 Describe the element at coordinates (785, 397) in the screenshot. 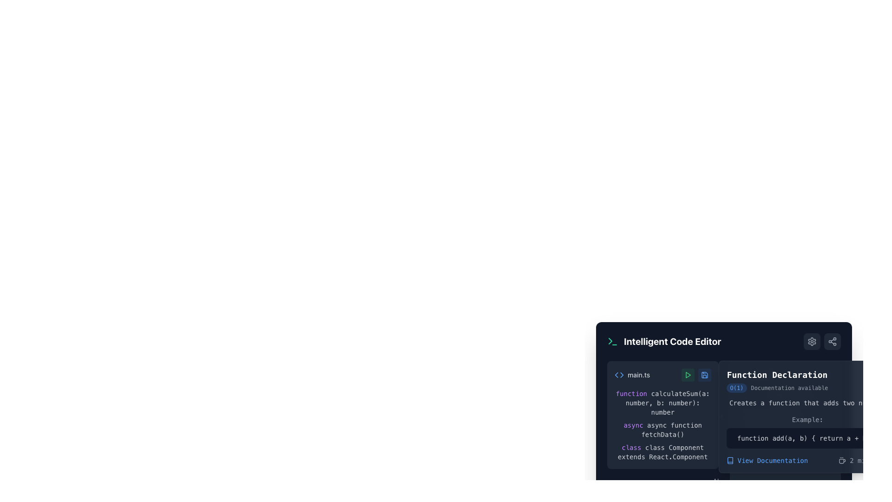

I see `the static text label indicating successful compilation` at that location.